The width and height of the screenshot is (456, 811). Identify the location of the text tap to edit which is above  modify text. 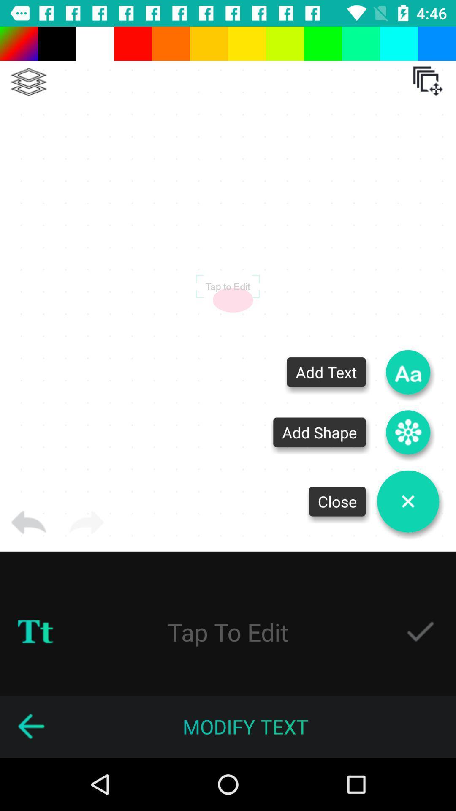
(228, 632).